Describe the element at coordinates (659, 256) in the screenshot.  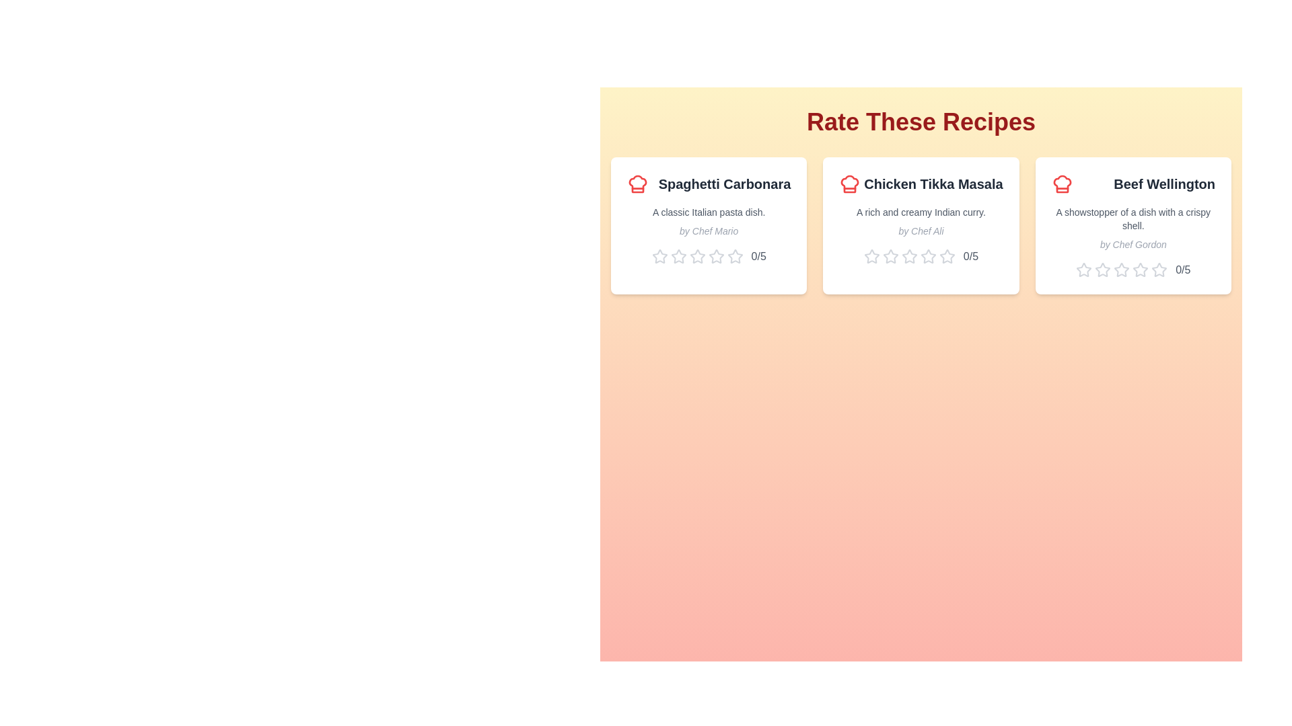
I see `the rating for a recipe to 1 stars` at that location.